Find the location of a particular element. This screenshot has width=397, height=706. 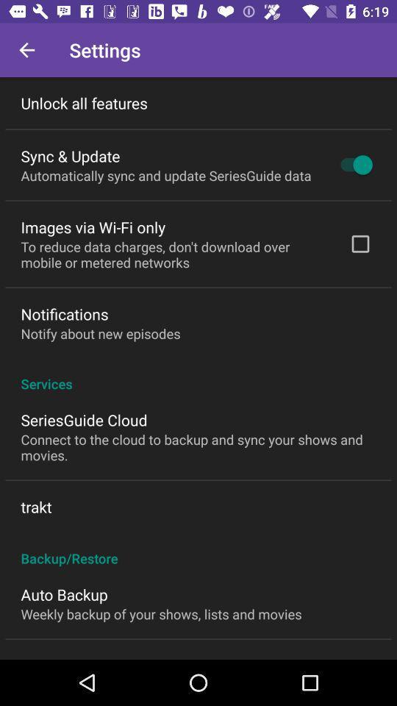

images via wi is located at coordinates (93, 227).